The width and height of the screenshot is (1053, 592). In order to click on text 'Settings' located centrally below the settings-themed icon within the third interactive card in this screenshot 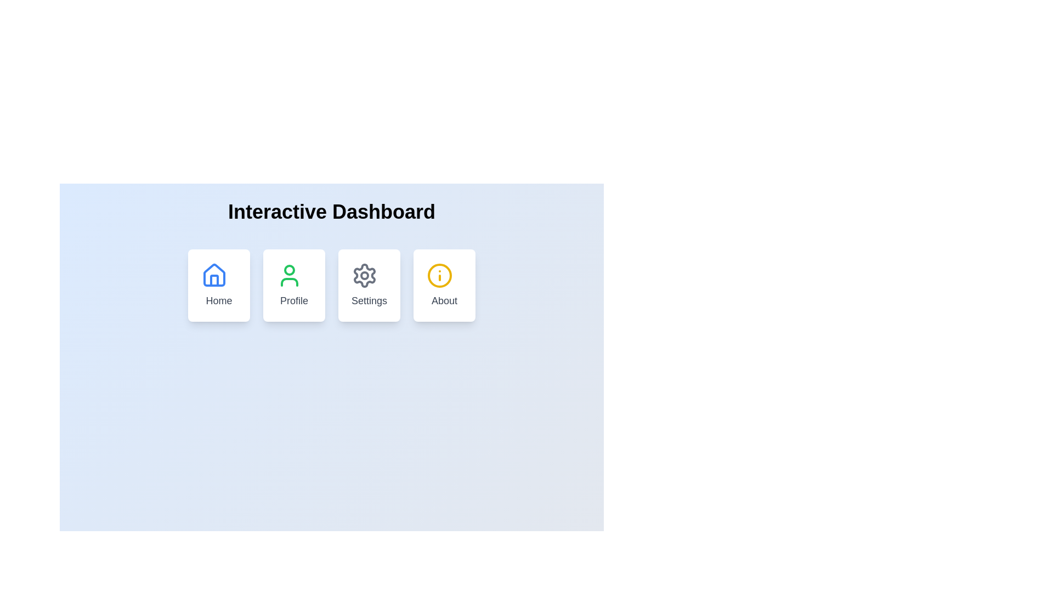, I will do `click(369, 300)`.